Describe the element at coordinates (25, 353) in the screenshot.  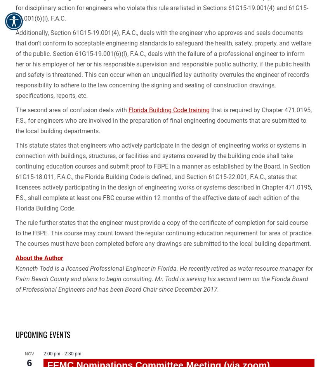
I see `'Nov'` at that location.